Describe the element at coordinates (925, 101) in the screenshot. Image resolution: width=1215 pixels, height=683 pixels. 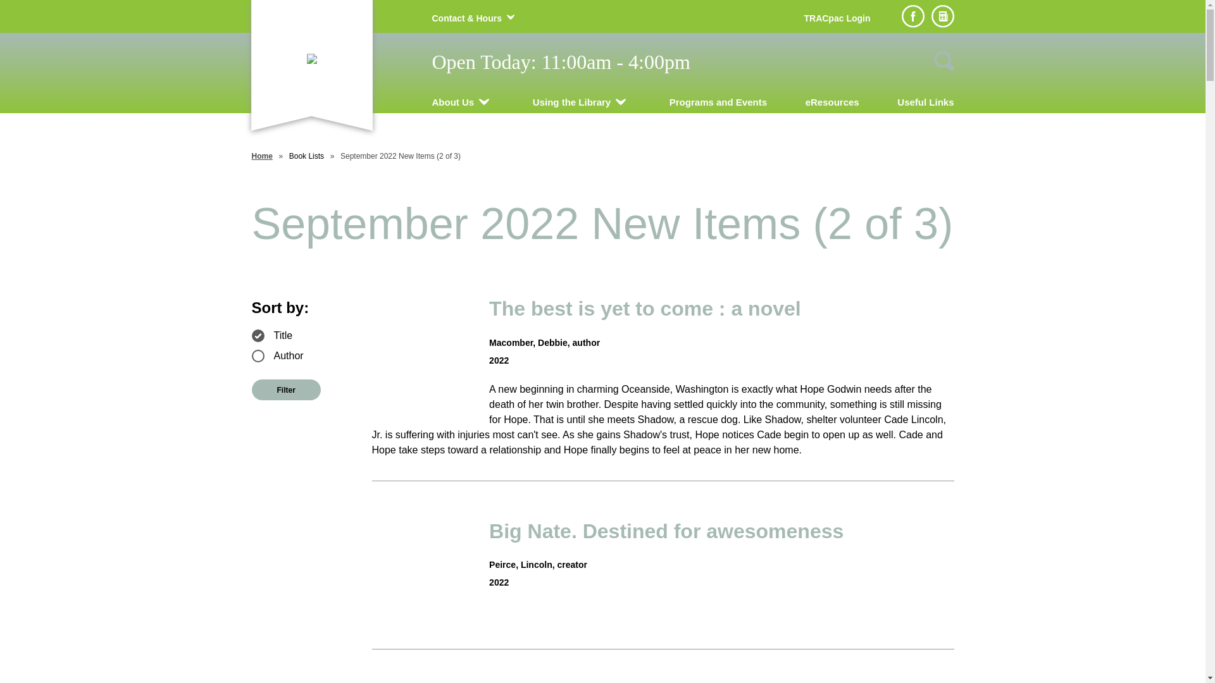
I see `'Useful Links'` at that location.